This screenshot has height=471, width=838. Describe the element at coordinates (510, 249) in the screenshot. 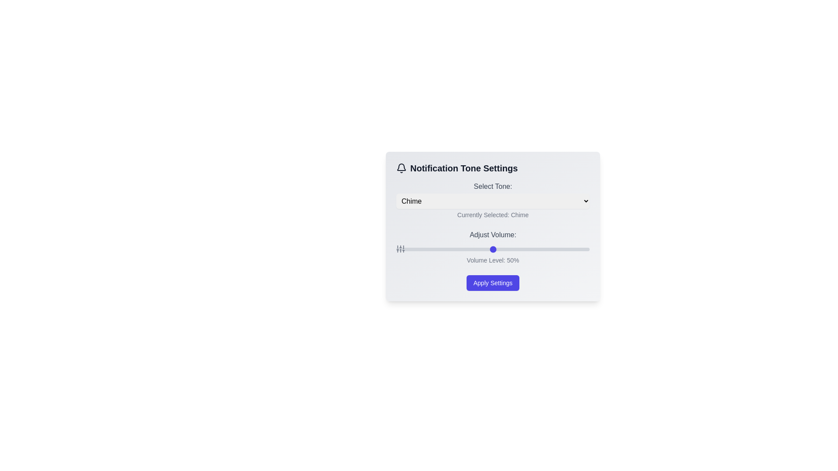

I see `the volume` at that location.